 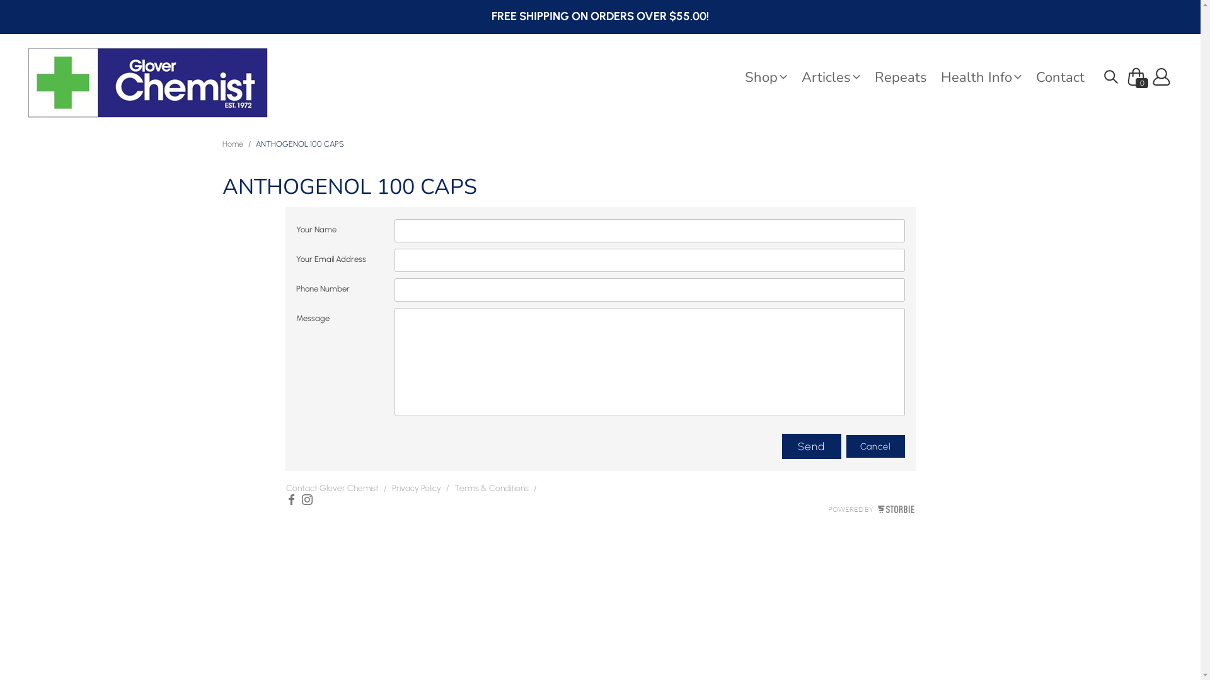 What do you see at coordinates (291, 502) in the screenshot?
I see `'Facebook'` at bounding box center [291, 502].